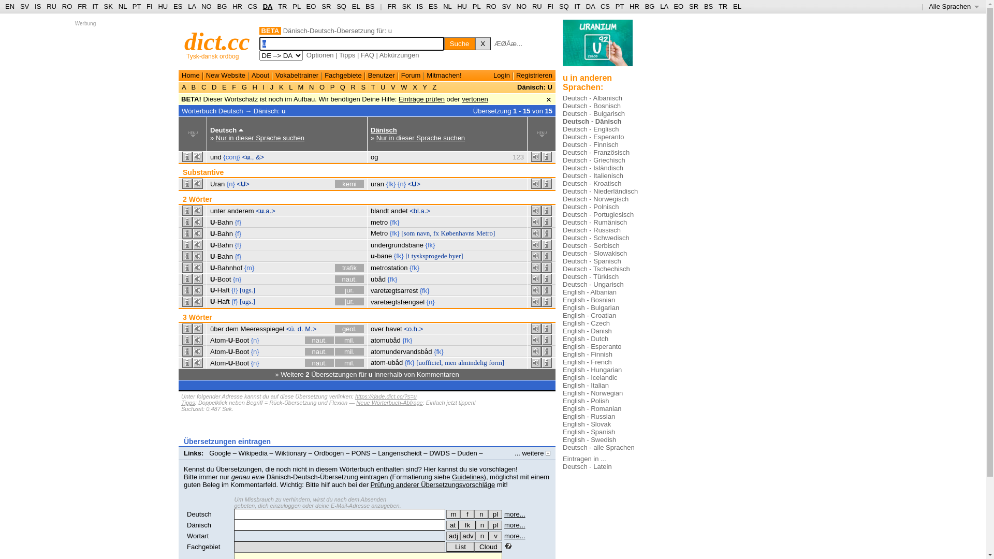  I want to click on '<U>', so click(414, 183).